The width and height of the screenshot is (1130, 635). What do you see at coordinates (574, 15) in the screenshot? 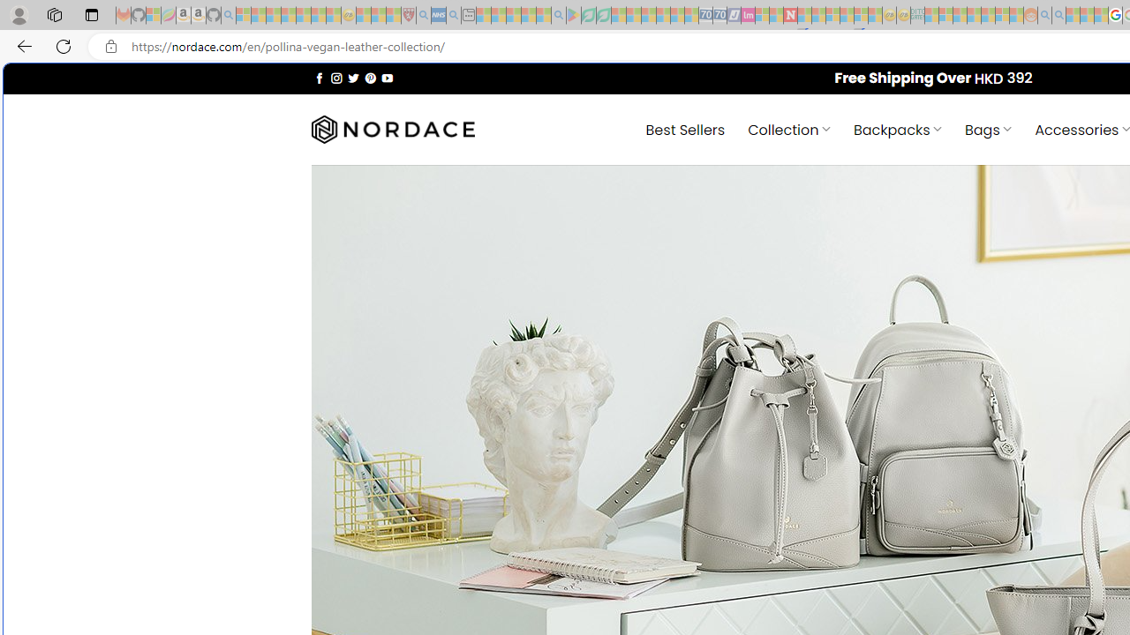
I see `'Bluey: Let'` at bounding box center [574, 15].